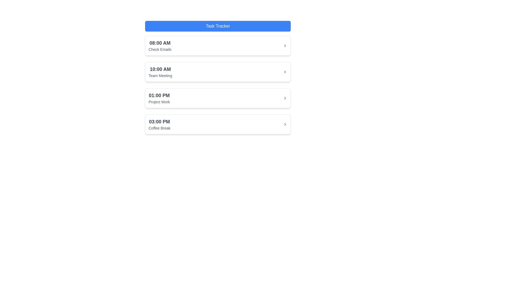 This screenshot has width=514, height=289. I want to click on the Informational Block displaying '01:00 PM' and 'Project Work', which is positioned third in the schedule list between '10:00 AM Team Meeting' and '03:00 PM Coffee Break', so click(159, 98).